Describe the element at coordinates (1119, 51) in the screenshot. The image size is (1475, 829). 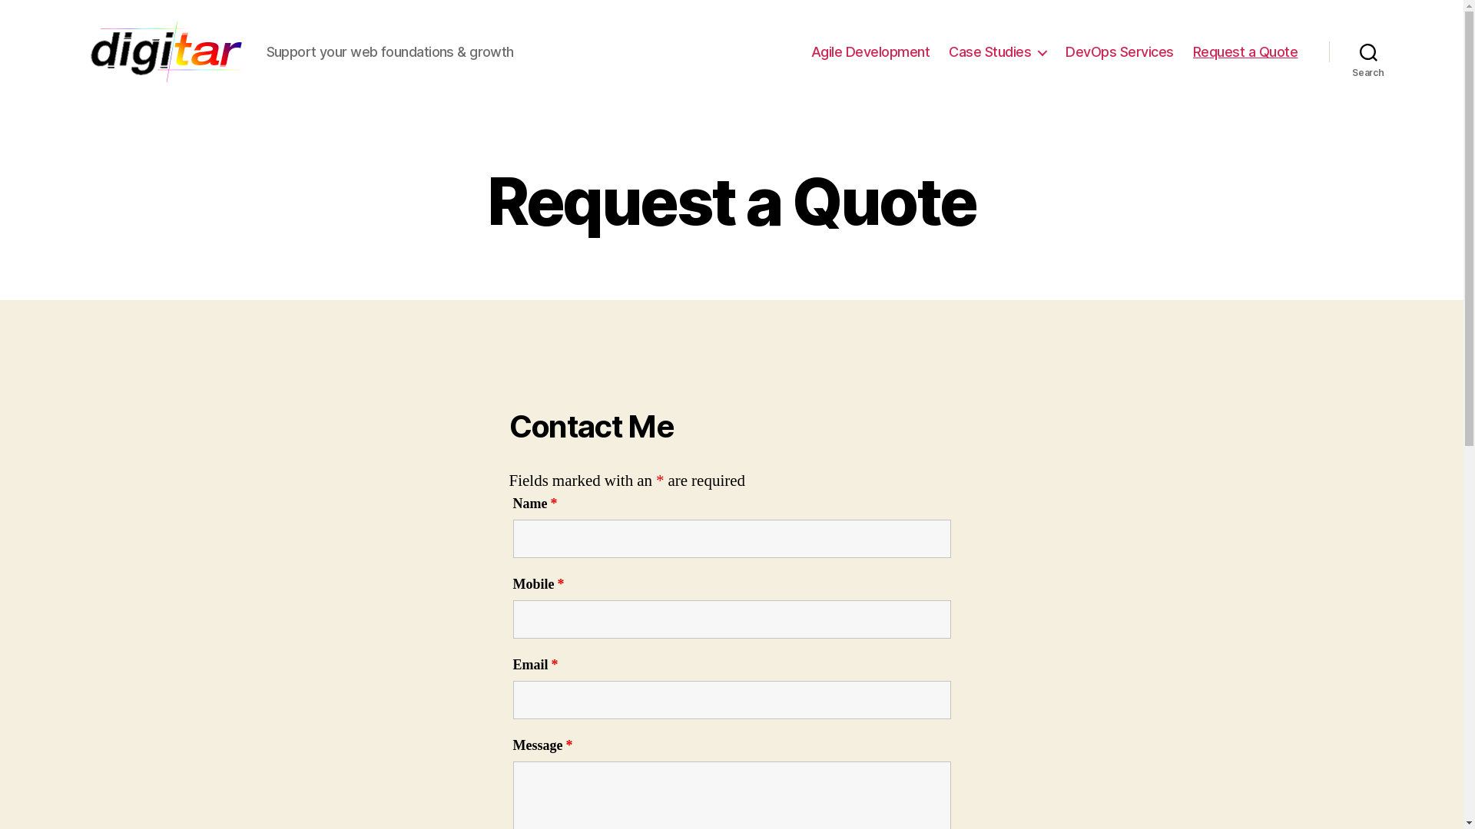
I see `'DevOps Services'` at that location.